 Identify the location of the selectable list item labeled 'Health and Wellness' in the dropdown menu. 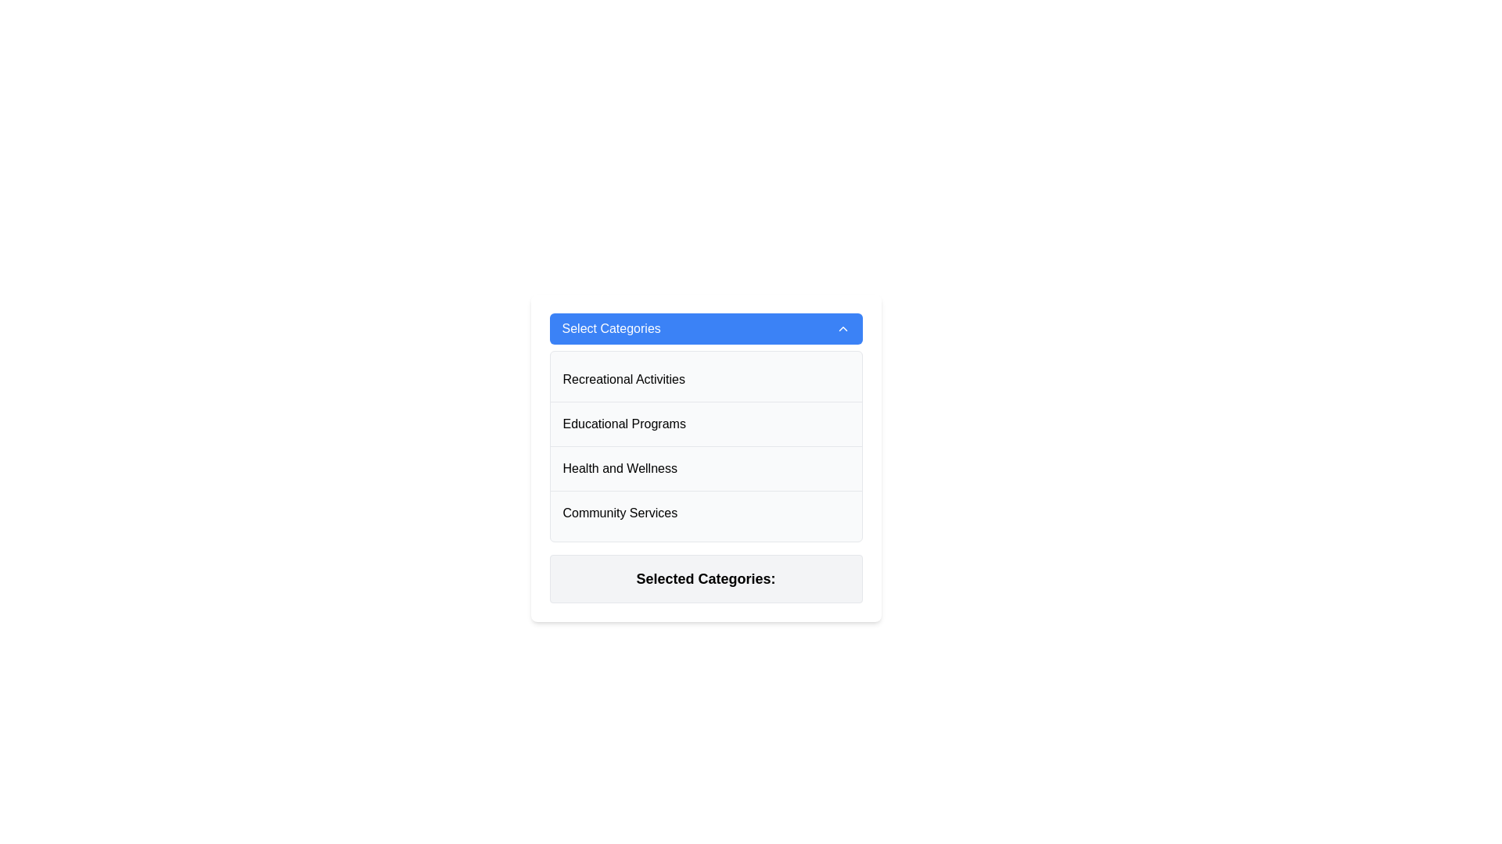
(705, 457).